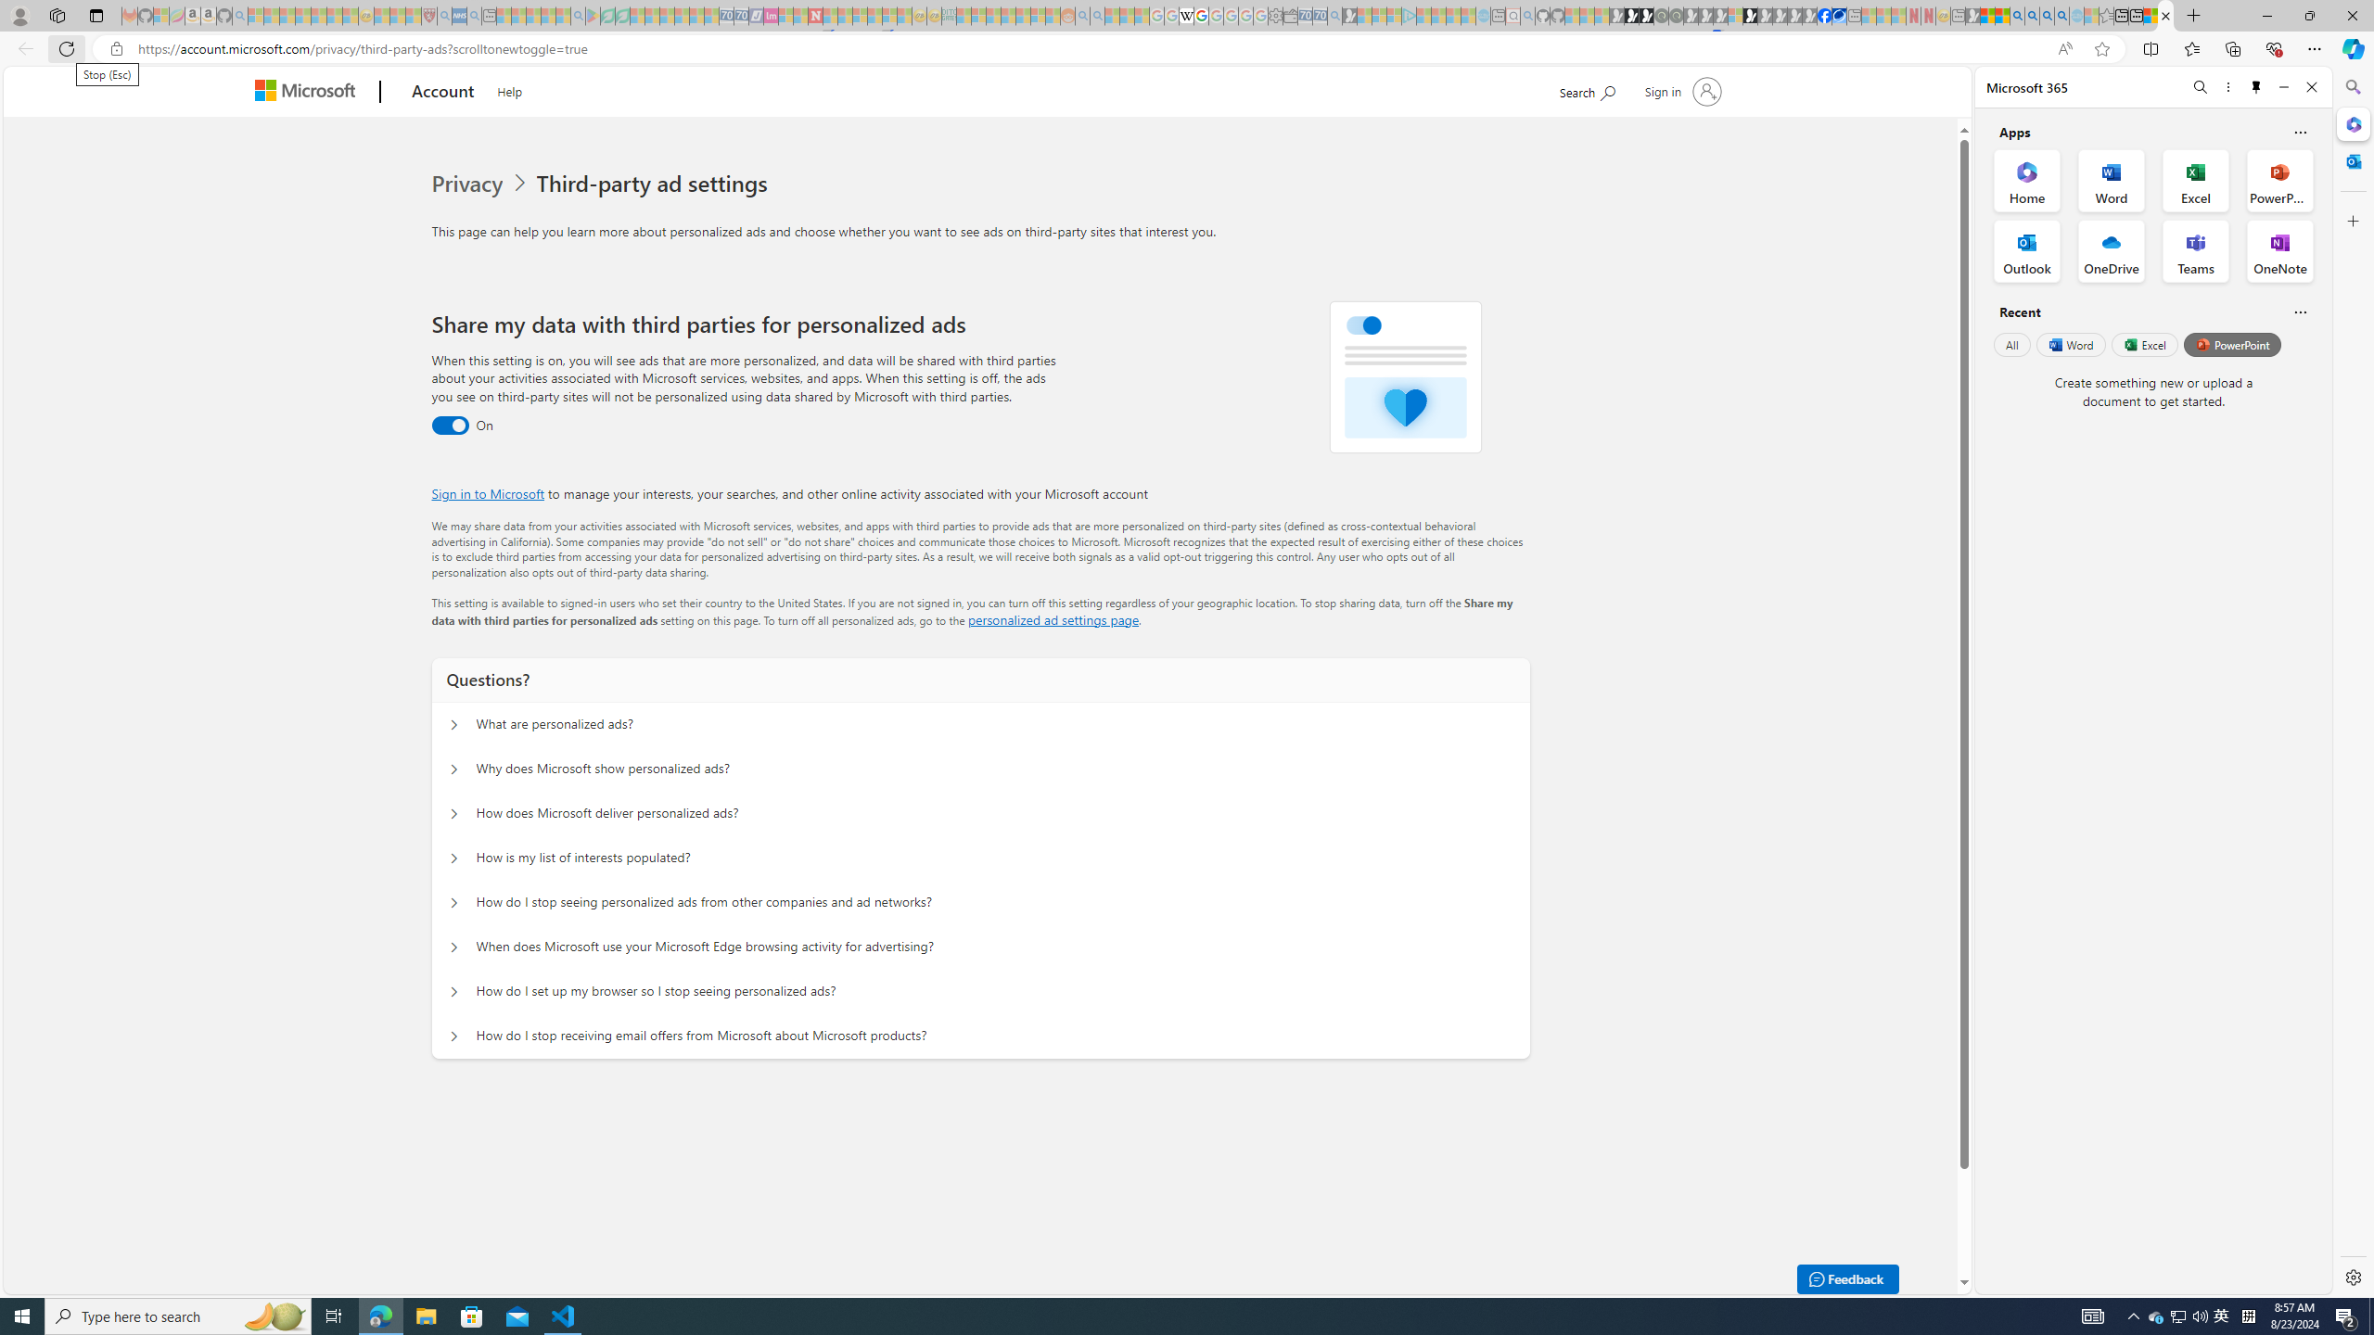 This screenshot has height=1335, width=2374. What do you see at coordinates (948, 15) in the screenshot?
I see `'DITOGAMES AG Imprint - Sleeping'` at bounding box center [948, 15].